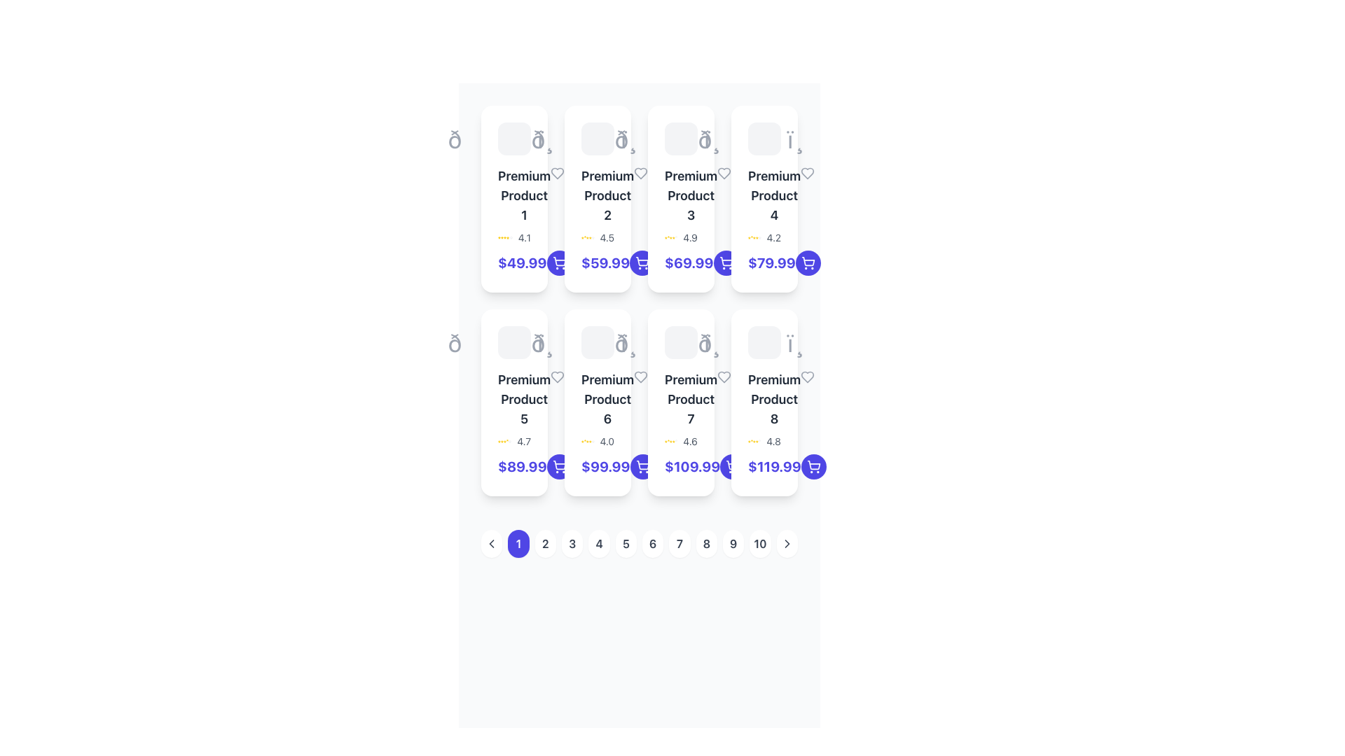  Describe the element at coordinates (764, 399) in the screenshot. I see `the 'Premium Product 8' text label located in the second row, fourth card from the left in the product card grid` at that location.